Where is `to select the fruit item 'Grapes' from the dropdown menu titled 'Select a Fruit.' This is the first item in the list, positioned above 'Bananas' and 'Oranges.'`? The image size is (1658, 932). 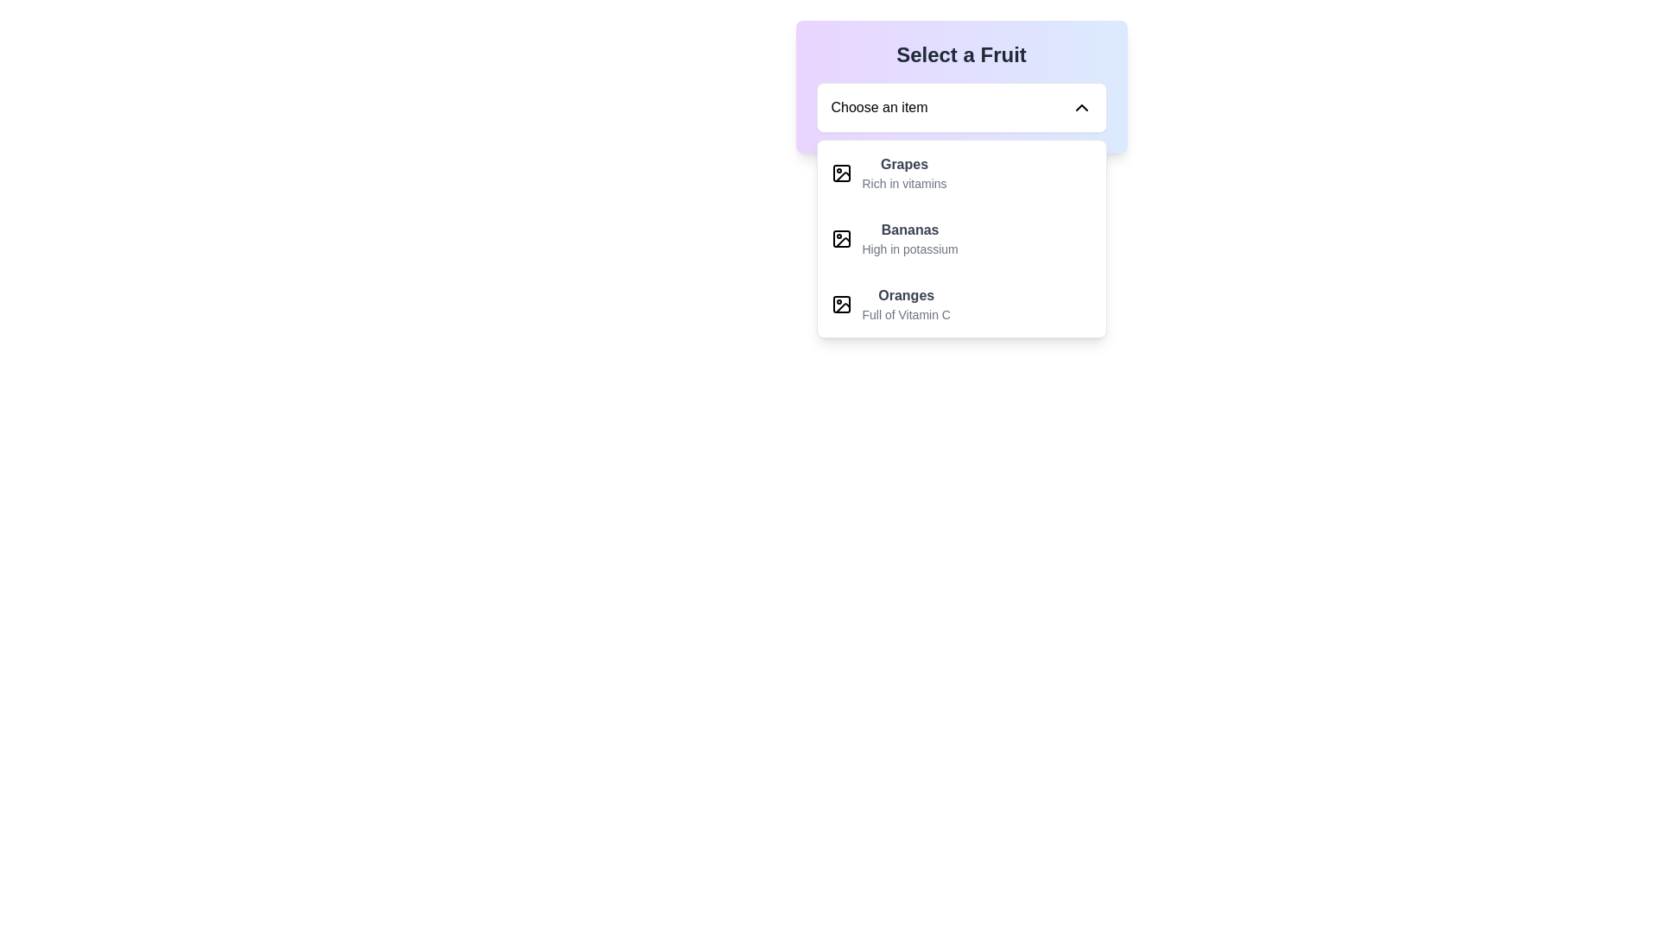 to select the fruit item 'Grapes' from the dropdown menu titled 'Select a Fruit.' This is the first item in the list, positioned above 'Bananas' and 'Oranges.' is located at coordinates (903, 173).